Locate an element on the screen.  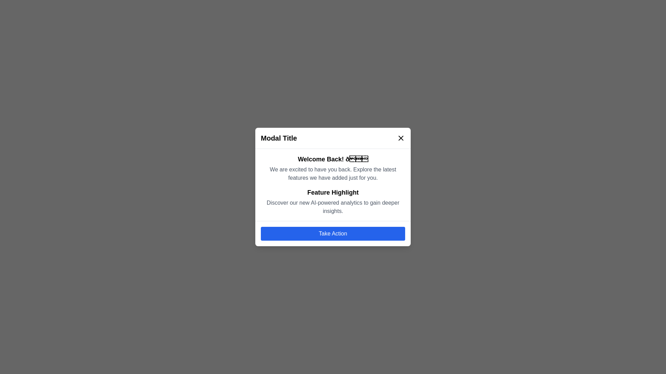
the confirmation button located at the bottom of the modal dialog box is located at coordinates (333, 234).